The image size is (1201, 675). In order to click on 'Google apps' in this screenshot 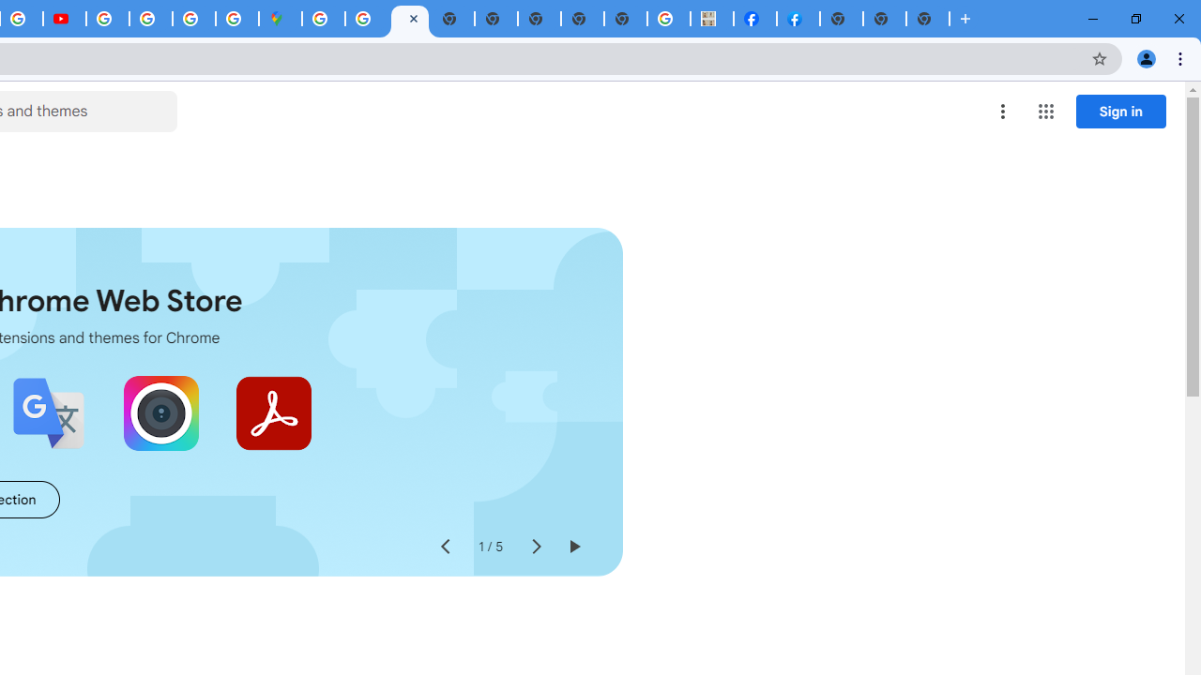, I will do `click(1044, 112)`.